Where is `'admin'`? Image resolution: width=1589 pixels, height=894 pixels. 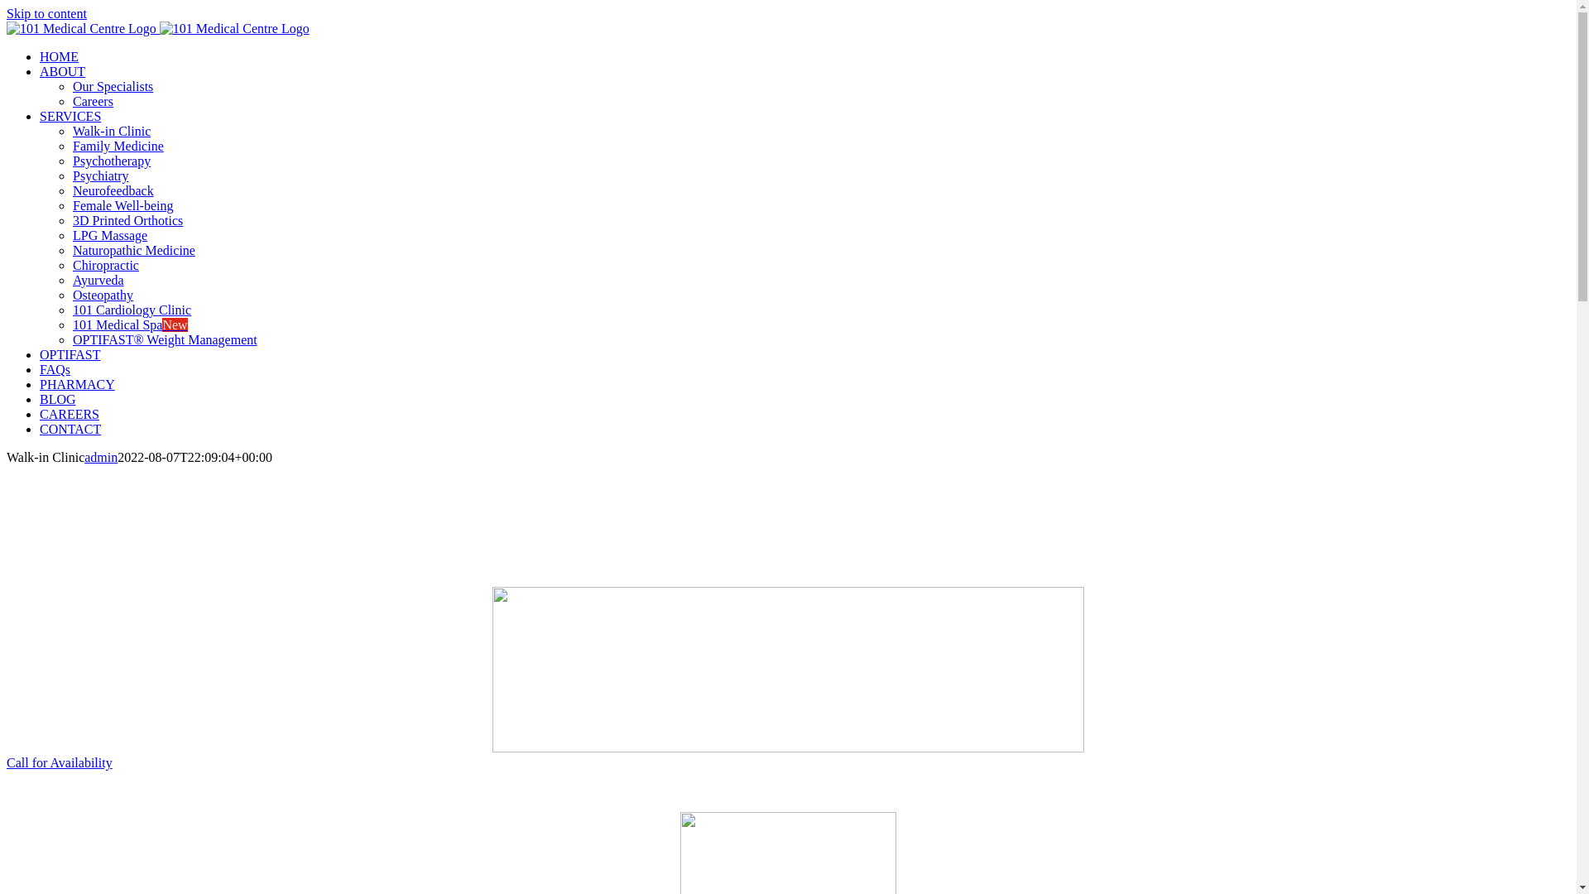 'admin' is located at coordinates (99, 457).